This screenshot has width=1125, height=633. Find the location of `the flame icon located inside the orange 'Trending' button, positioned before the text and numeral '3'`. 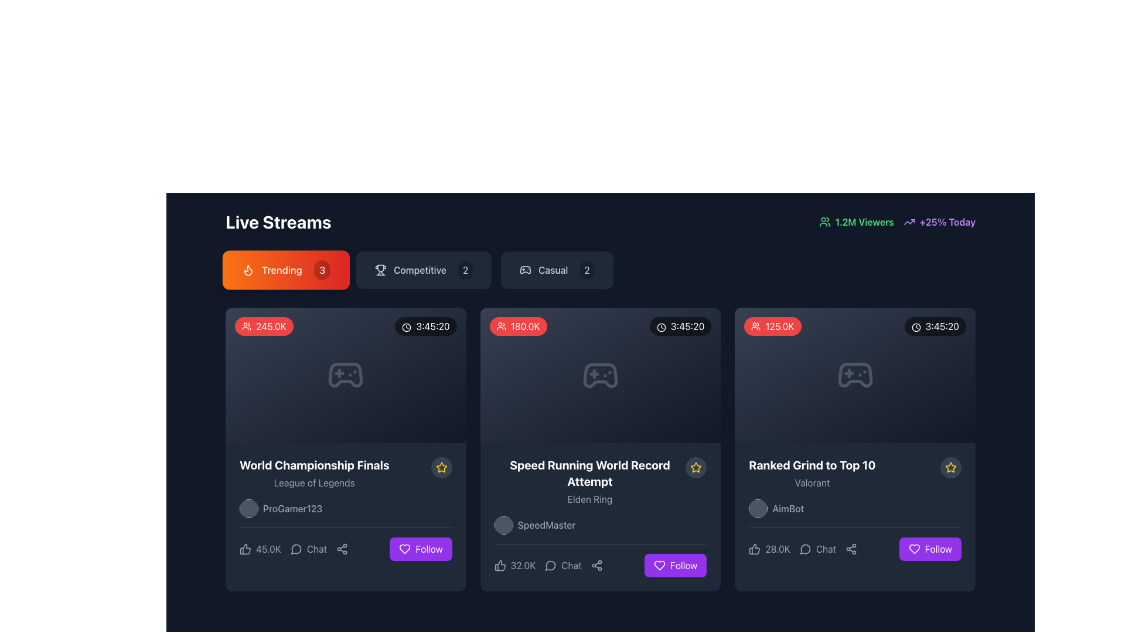

the flame icon located inside the orange 'Trending' button, positioned before the text and numeral '3' is located at coordinates (247, 270).